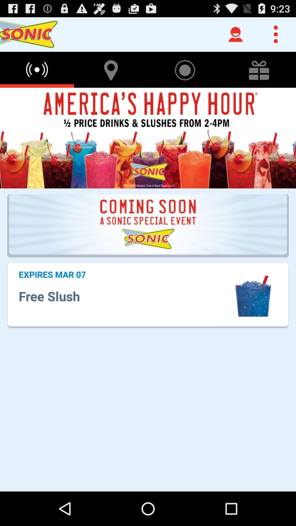 The width and height of the screenshot is (296, 526). What do you see at coordinates (125, 296) in the screenshot?
I see `the app below the expires mar 07 icon` at bounding box center [125, 296].